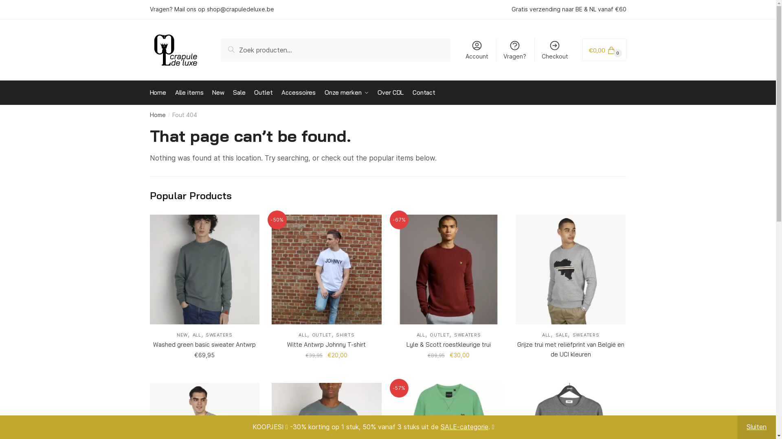 The image size is (782, 439). What do you see at coordinates (514, 50) in the screenshot?
I see `'Vragen?'` at bounding box center [514, 50].